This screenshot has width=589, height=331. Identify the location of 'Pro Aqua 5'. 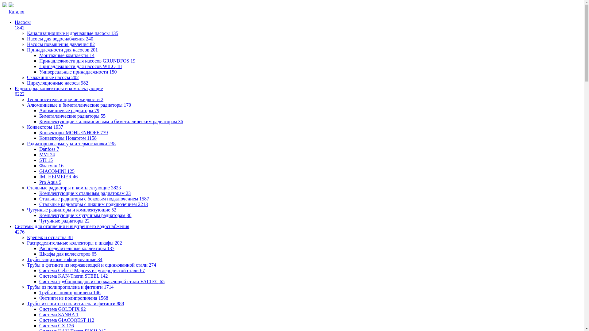
(39, 182).